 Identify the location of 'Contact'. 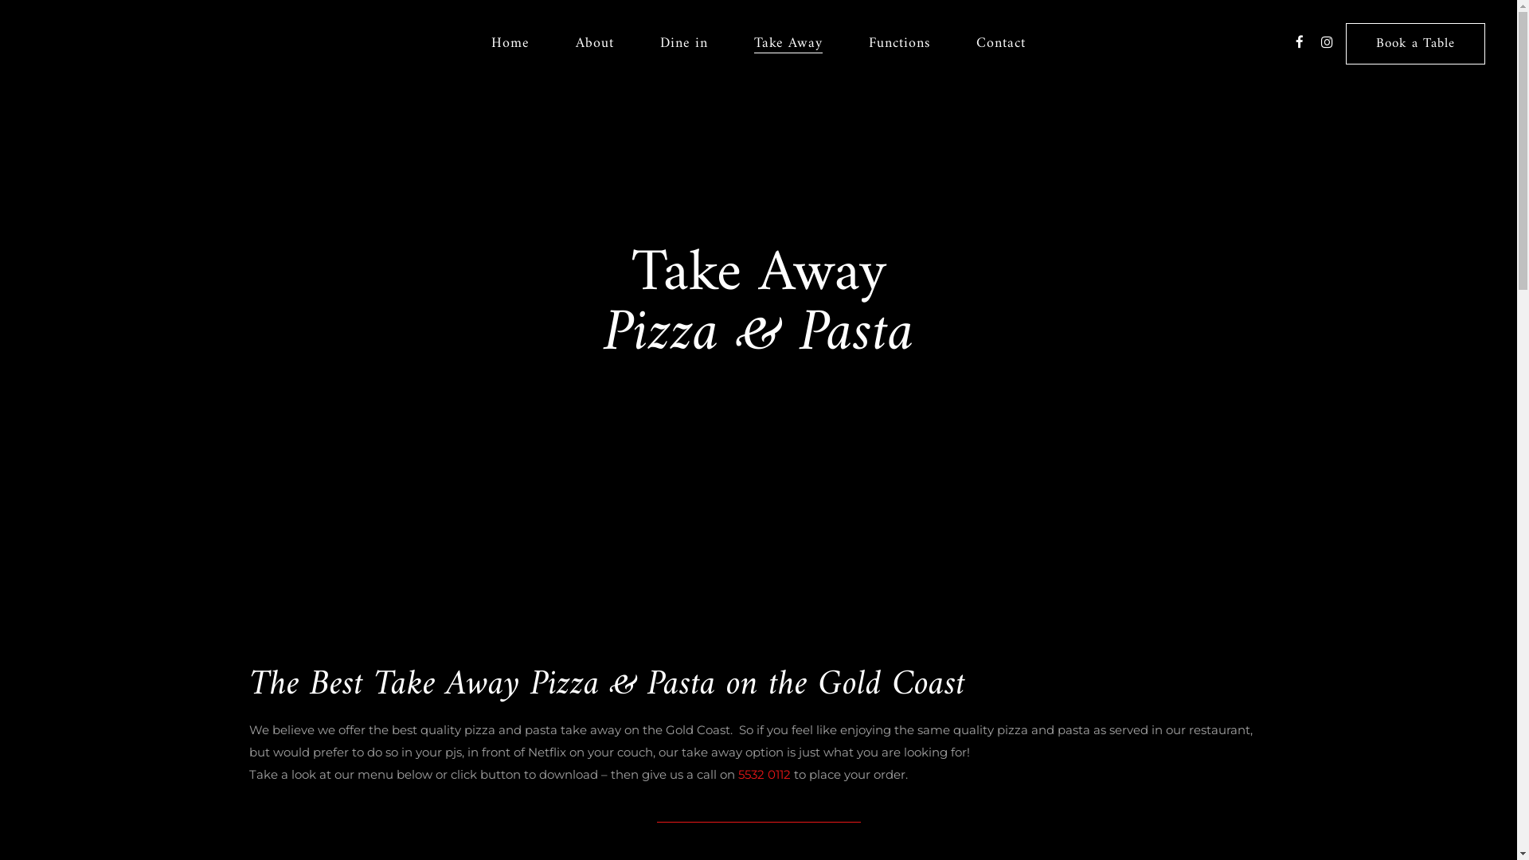
(952, 42).